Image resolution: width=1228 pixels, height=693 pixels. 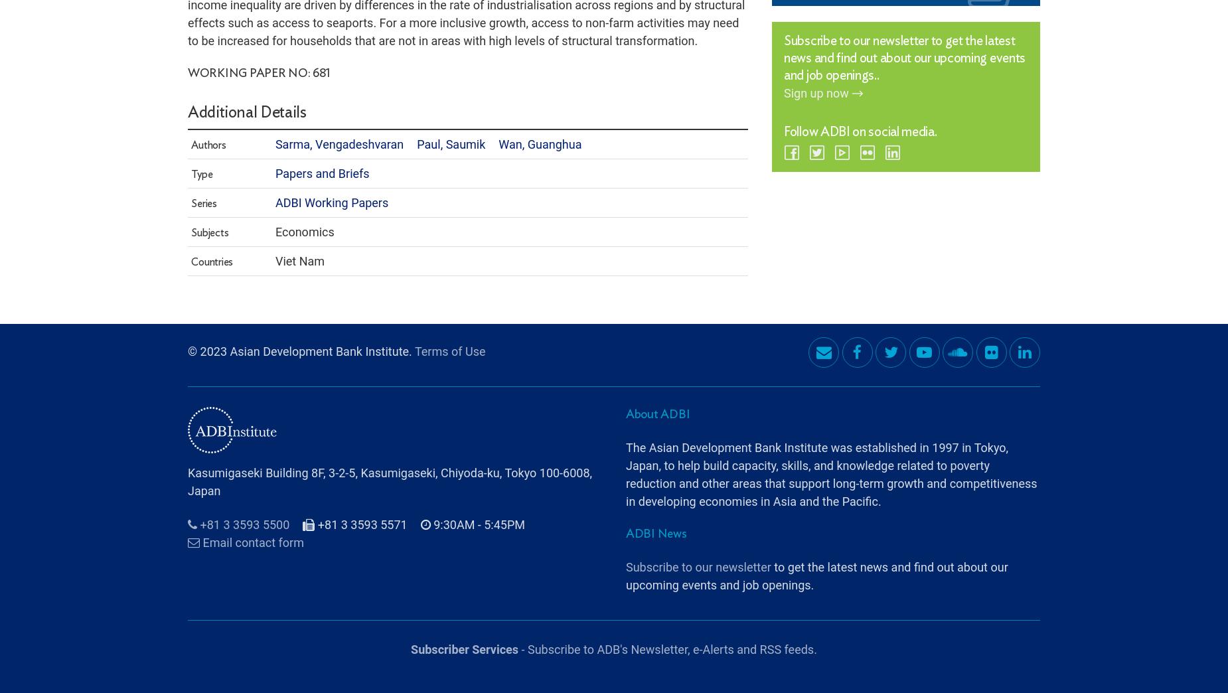 What do you see at coordinates (655, 497) in the screenshot?
I see `'ADBI News'` at bounding box center [655, 497].